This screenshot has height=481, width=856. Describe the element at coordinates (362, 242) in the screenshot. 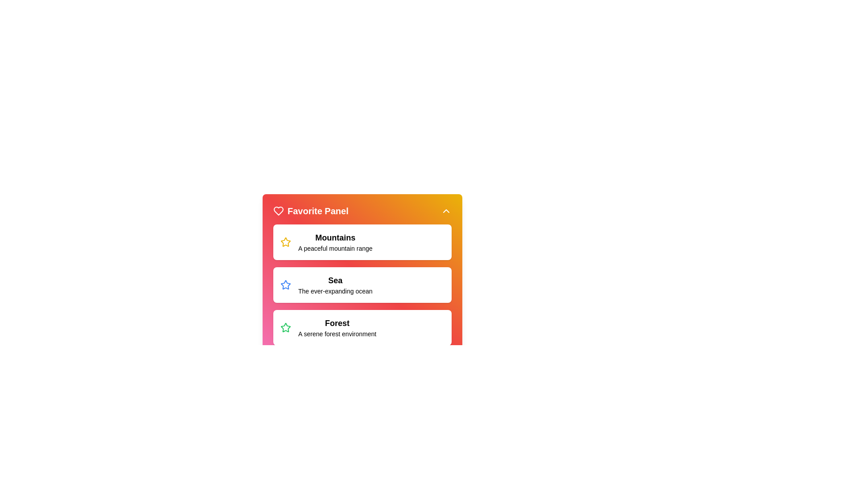

I see `the first informational list item labeled 'Mountains' which includes a description and a star icon, located below the 'Favorite Panel'` at that location.